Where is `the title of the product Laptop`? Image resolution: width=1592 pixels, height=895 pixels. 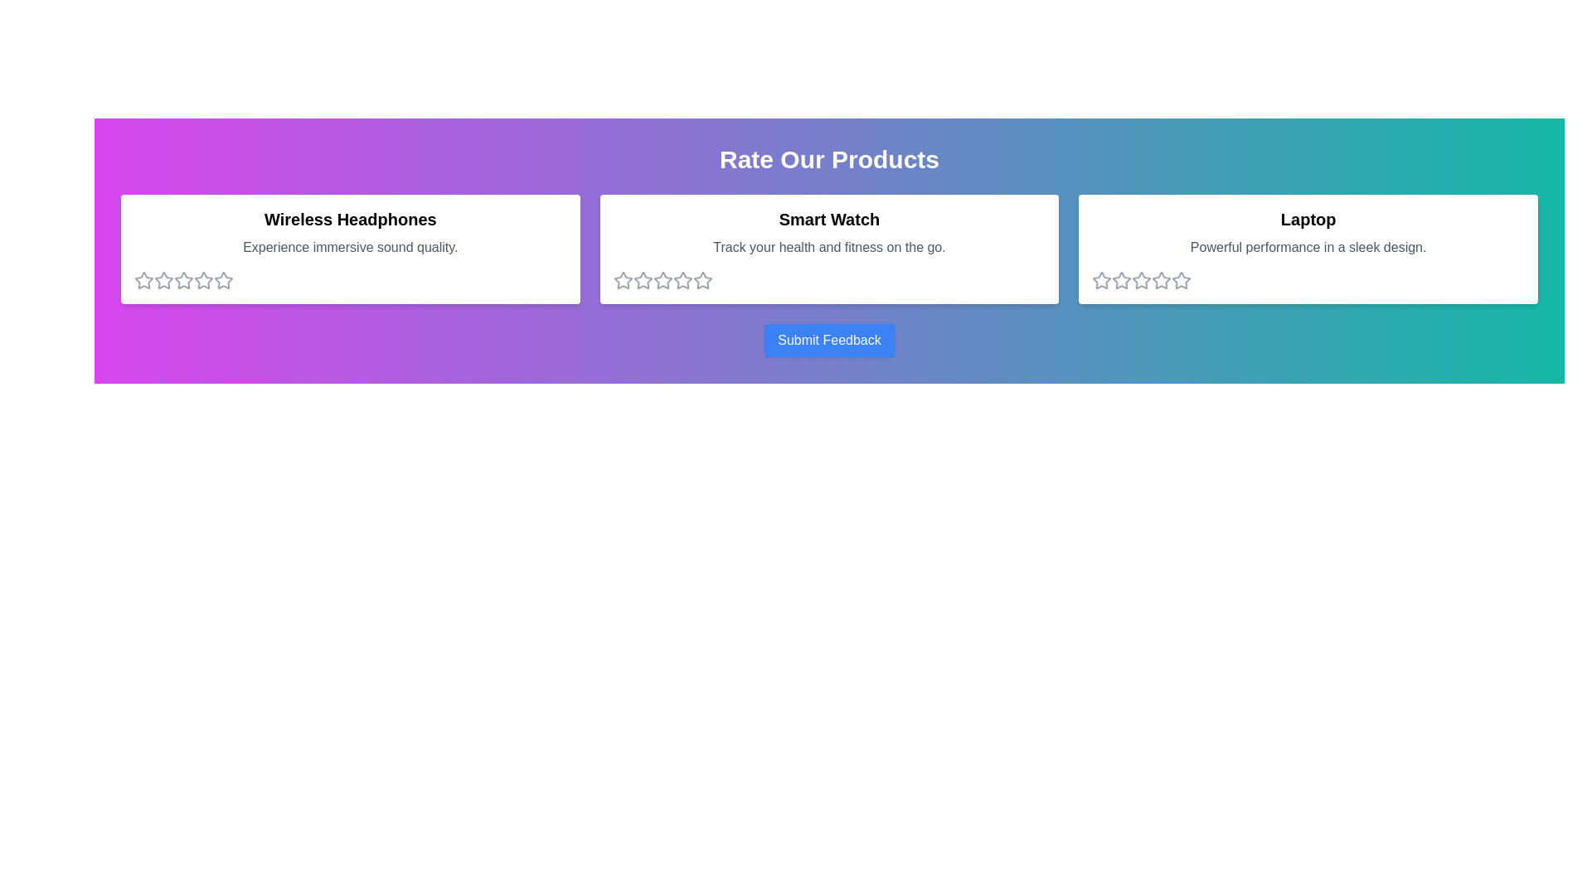
the title of the product Laptop is located at coordinates (1308, 219).